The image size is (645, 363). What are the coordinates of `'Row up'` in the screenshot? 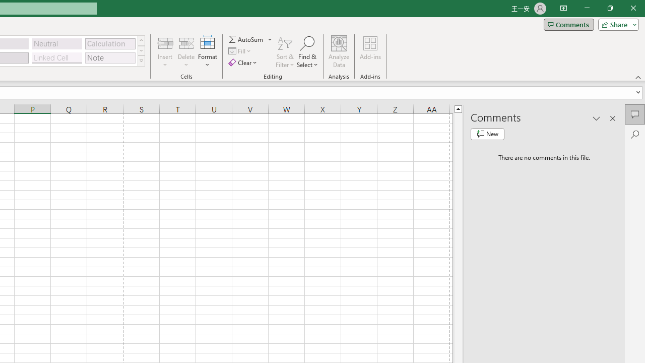 It's located at (141, 40).